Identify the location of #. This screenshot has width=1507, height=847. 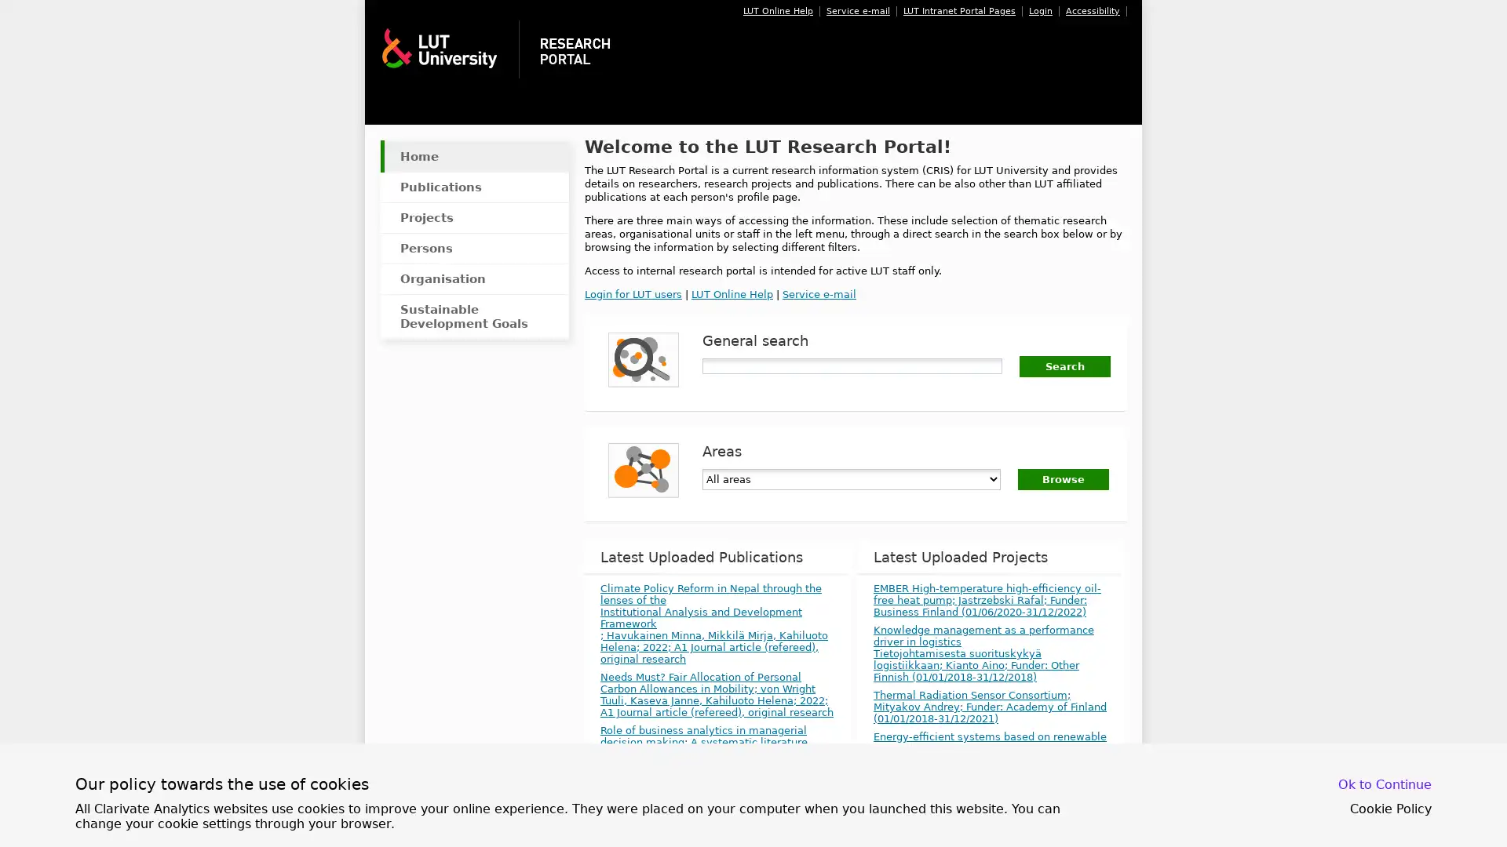
(1063, 478).